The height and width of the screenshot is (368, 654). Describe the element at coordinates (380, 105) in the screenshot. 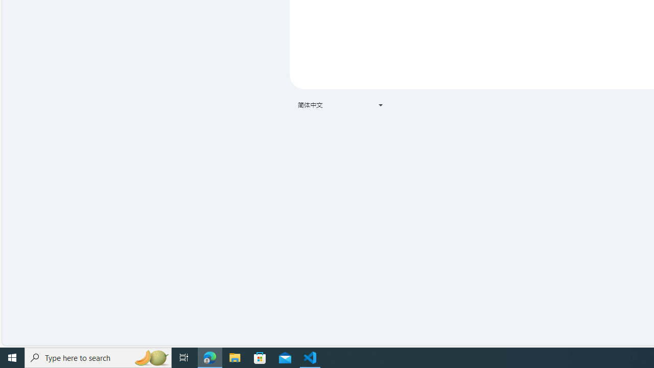

I see `'Class: VfPpkd-t08AT-Bz112c-Bd00G'` at that location.